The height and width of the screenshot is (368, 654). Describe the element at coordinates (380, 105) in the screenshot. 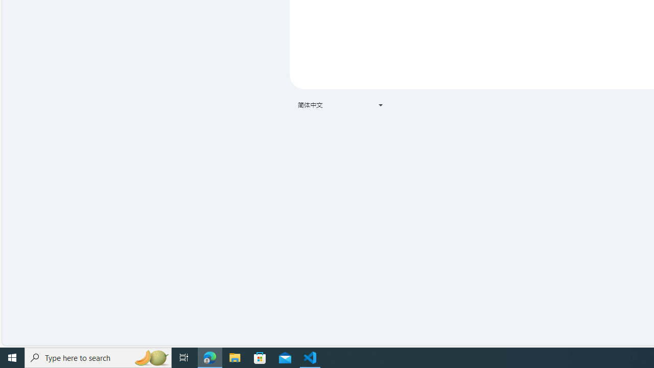

I see `'Class: VfPpkd-t08AT-Bz112c-Bd00G'` at that location.